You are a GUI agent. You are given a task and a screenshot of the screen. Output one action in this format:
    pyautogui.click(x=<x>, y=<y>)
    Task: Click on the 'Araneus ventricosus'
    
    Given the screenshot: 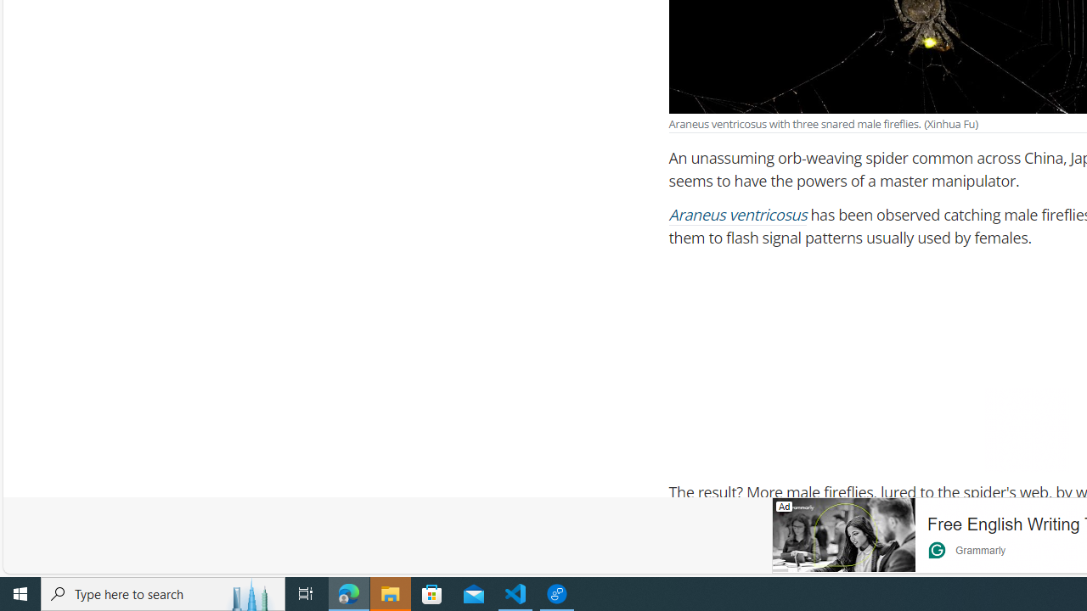 What is the action you would take?
    pyautogui.click(x=738, y=215)
    